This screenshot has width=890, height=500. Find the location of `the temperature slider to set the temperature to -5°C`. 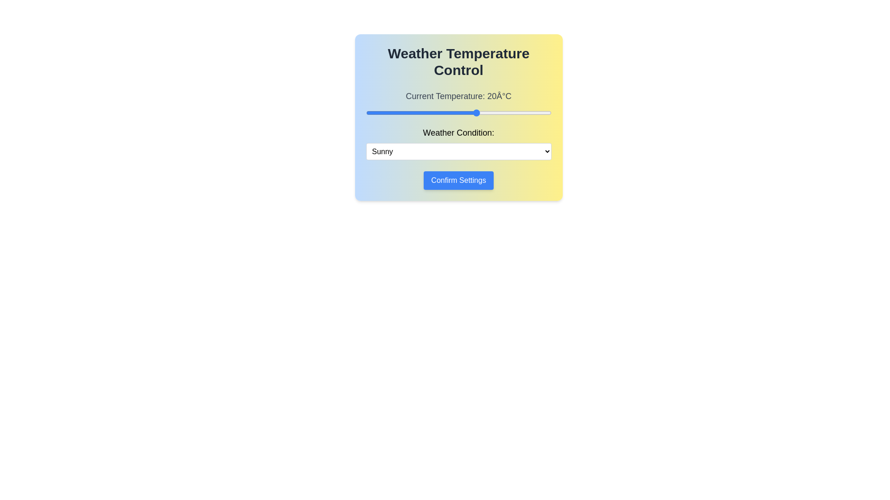

the temperature slider to set the temperature to -5°C is located at coordinates (384, 112).